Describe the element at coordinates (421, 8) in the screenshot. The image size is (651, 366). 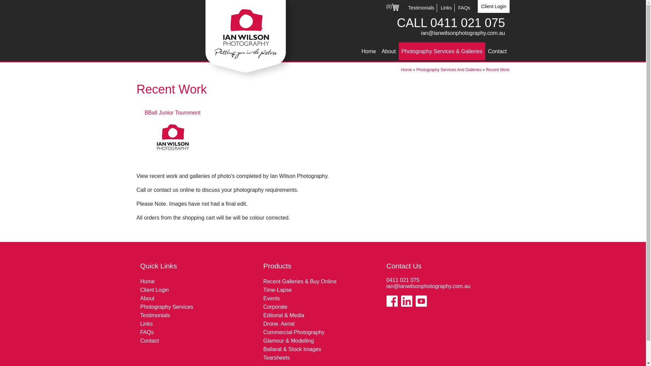
I see `'Testimonials'` at that location.